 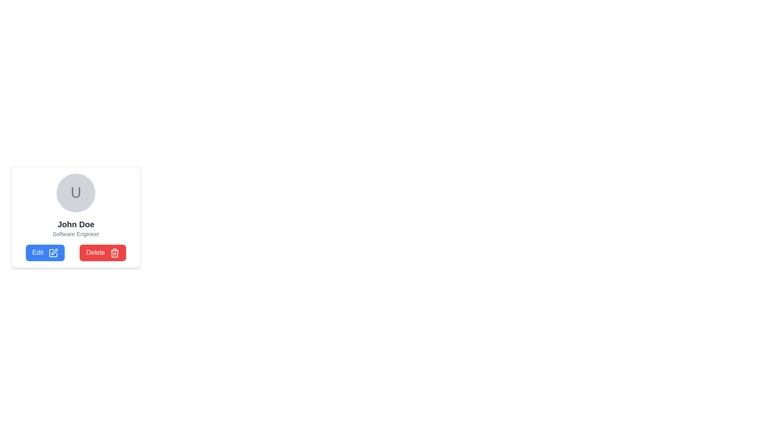 I want to click on the Avatar Placeholder representing the user's profile picture, which is located at the top of the card UI containing 'John Doe' and 'Software Engineer', so click(x=76, y=193).